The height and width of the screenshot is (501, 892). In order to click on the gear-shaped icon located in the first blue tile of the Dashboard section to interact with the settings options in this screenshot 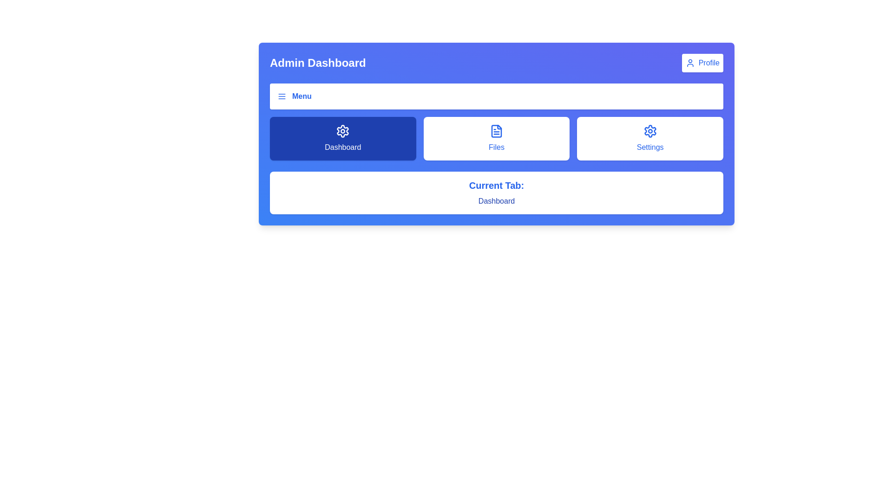, I will do `click(342, 131)`.